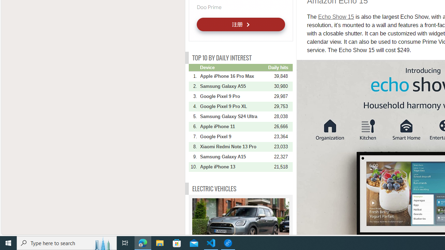 The width and height of the screenshot is (445, 250). I want to click on 'Samsung Galaxy A55', so click(233, 86).